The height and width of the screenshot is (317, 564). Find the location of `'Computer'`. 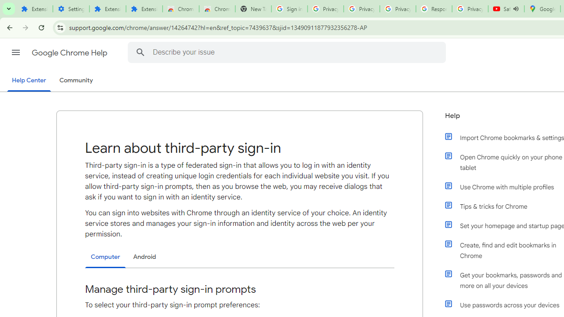

'Computer' is located at coordinates (105, 257).